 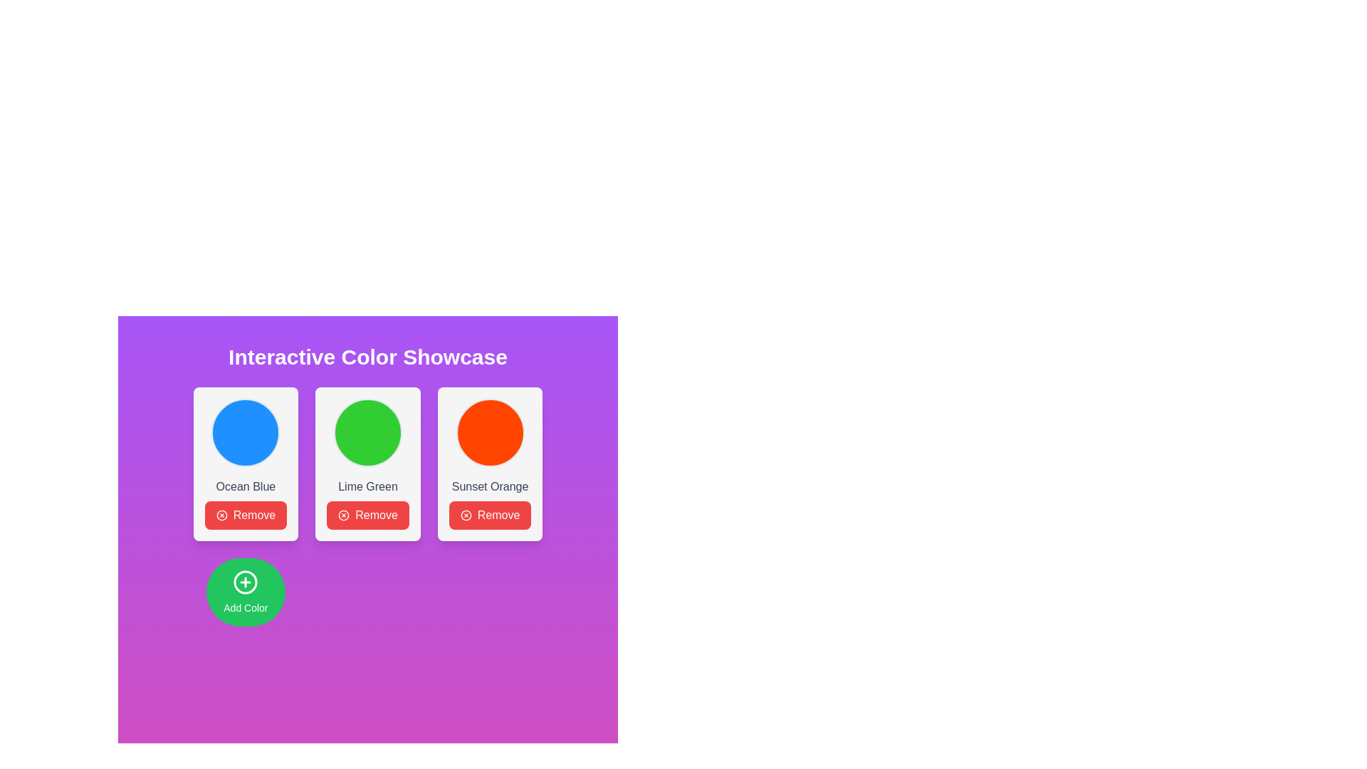 I want to click on the button, so click(x=246, y=592).